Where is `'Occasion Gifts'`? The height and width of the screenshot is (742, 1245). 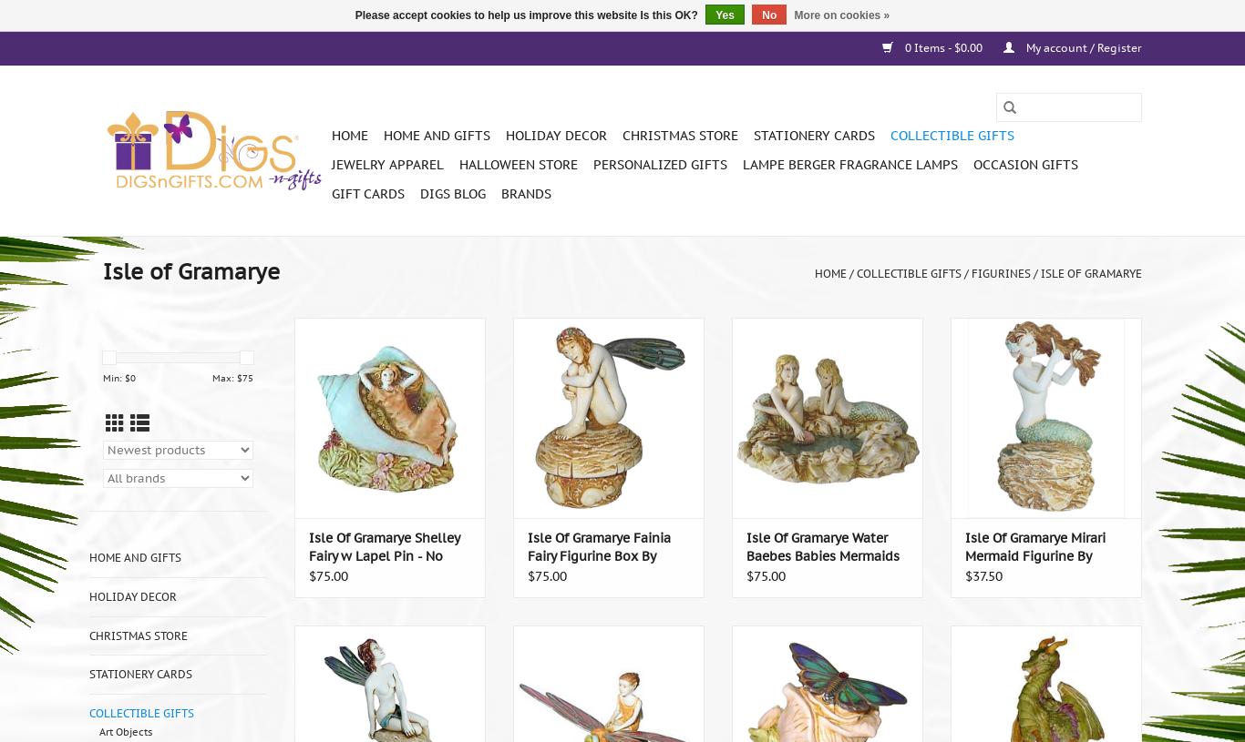 'Occasion Gifts' is located at coordinates (1024, 165).